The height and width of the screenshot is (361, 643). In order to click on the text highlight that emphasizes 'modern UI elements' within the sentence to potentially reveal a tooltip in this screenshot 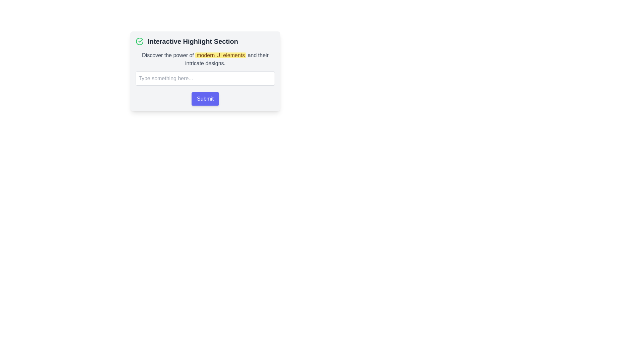, I will do `click(221, 55)`.